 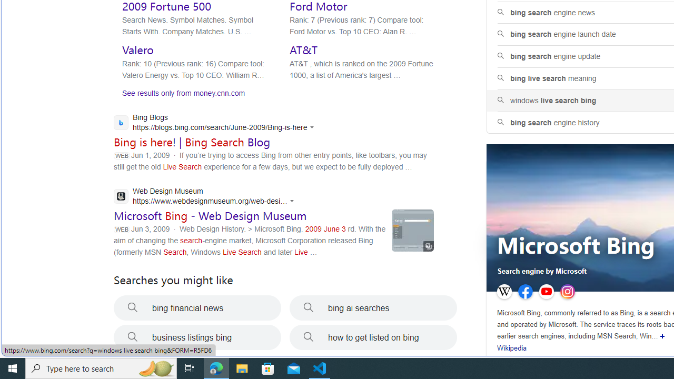 I want to click on 'Show more', so click(x=662, y=336).